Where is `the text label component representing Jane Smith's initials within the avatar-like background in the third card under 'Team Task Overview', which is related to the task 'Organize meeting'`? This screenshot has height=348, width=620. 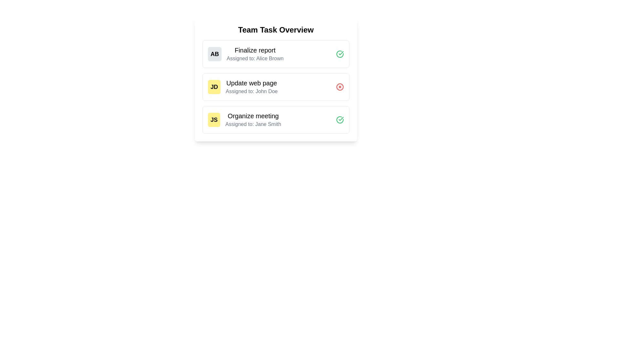
the text label component representing Jane Smith's initials within the avatar-like background in the third card under 'Team Task Overview', which is related to the task 'Organize meeting' is located at coordinates (214, 120).